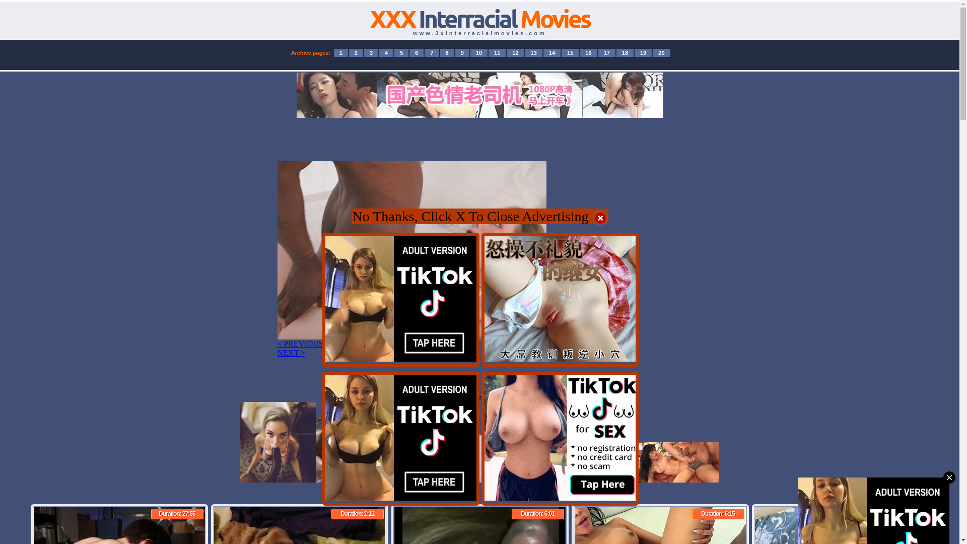 The height and width of the screenshot is (544, 967). I want to click on '14', so click(551, 52).